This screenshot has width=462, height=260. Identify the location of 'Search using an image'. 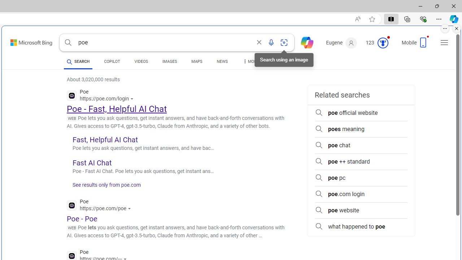
(284, 43).